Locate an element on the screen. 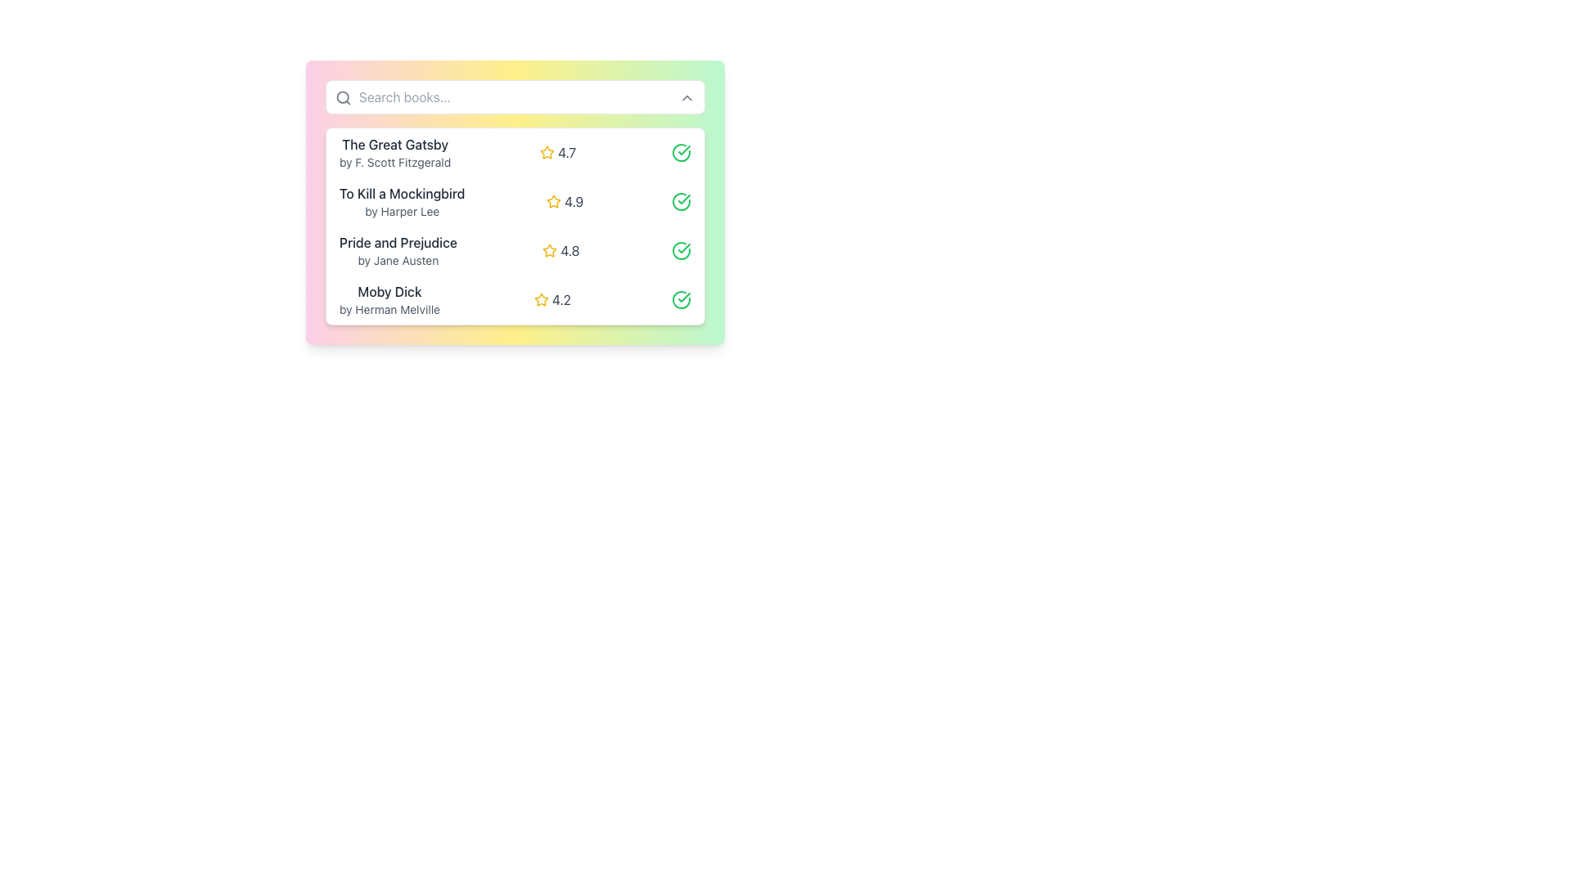 The image size is (1571, 883). the third star icon in the rating list for the book 'Pride and Prejudice by Jane Austen' to interact with the rating is located at coordinates (550, 250).